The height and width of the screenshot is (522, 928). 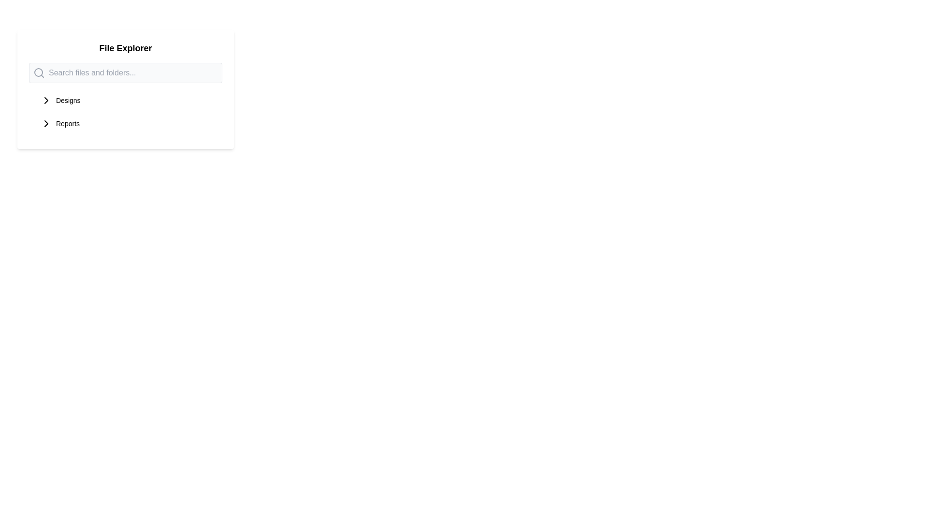 What do you see at coordinates (46, 101) in the screenshot?
I see `the chevron right icon located to the left of the 'Designs' text in the file explorer panel to trigger potential hover effects` at bounding box center [46, 101].